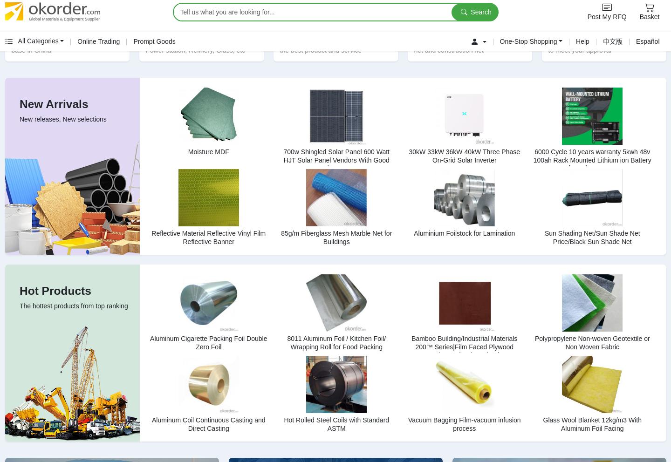 Image resolution: width=671 pixels, height=462 pixels. I want to click on 'OKorder Guide', so click(4, 408).